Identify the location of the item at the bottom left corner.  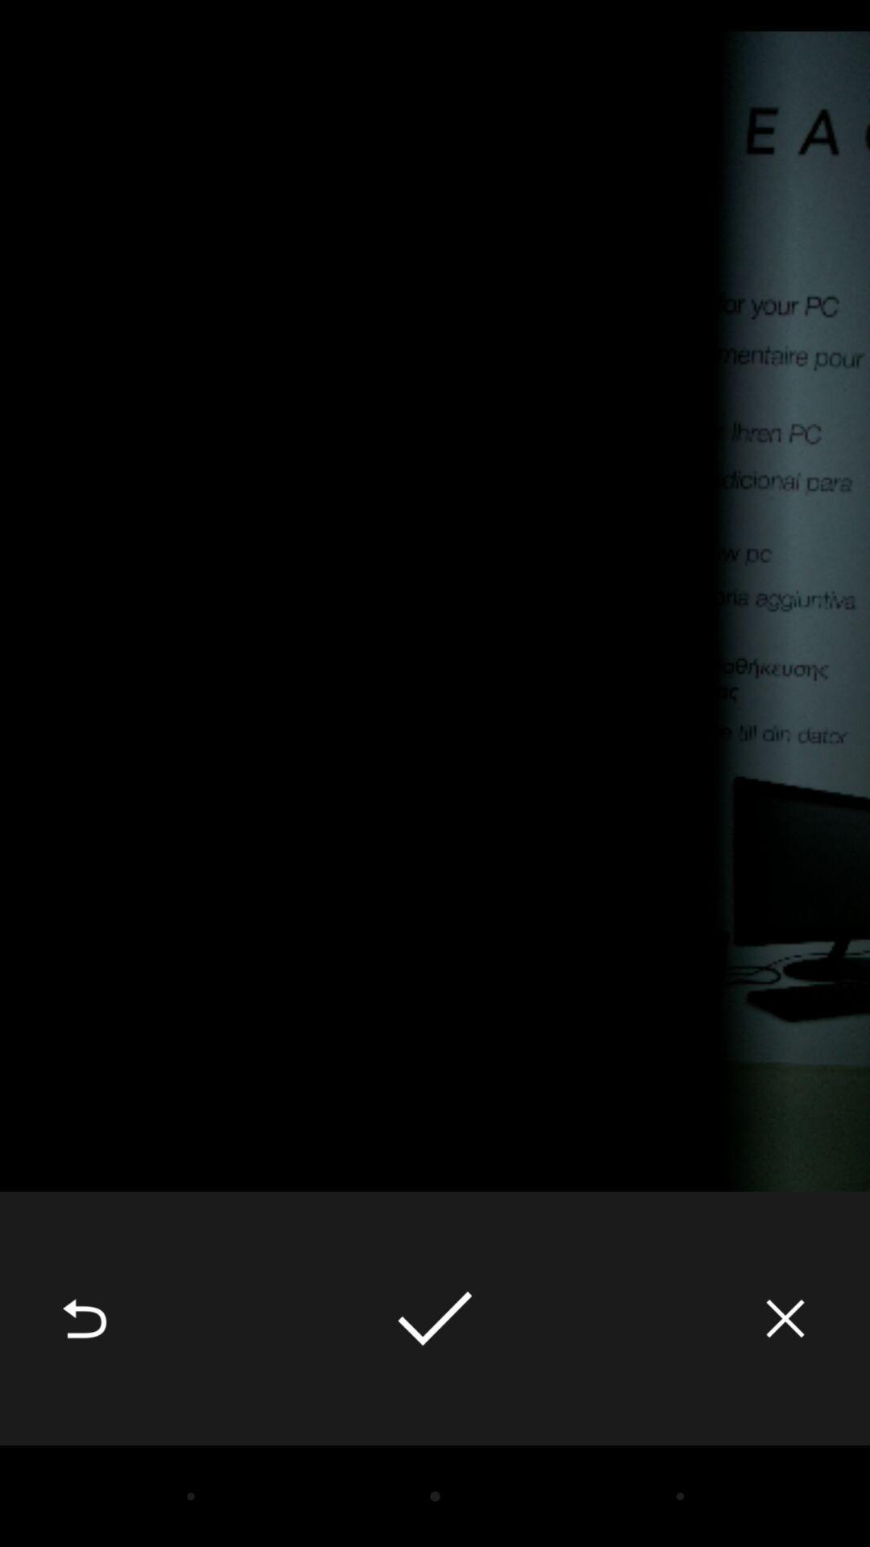
(84, 1318).